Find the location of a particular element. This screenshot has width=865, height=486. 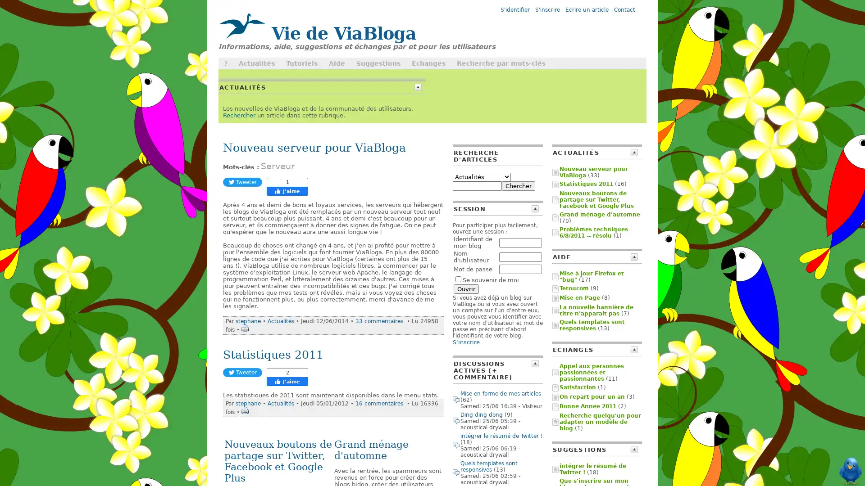

Ouvrir is located at coordinates (466, 289).